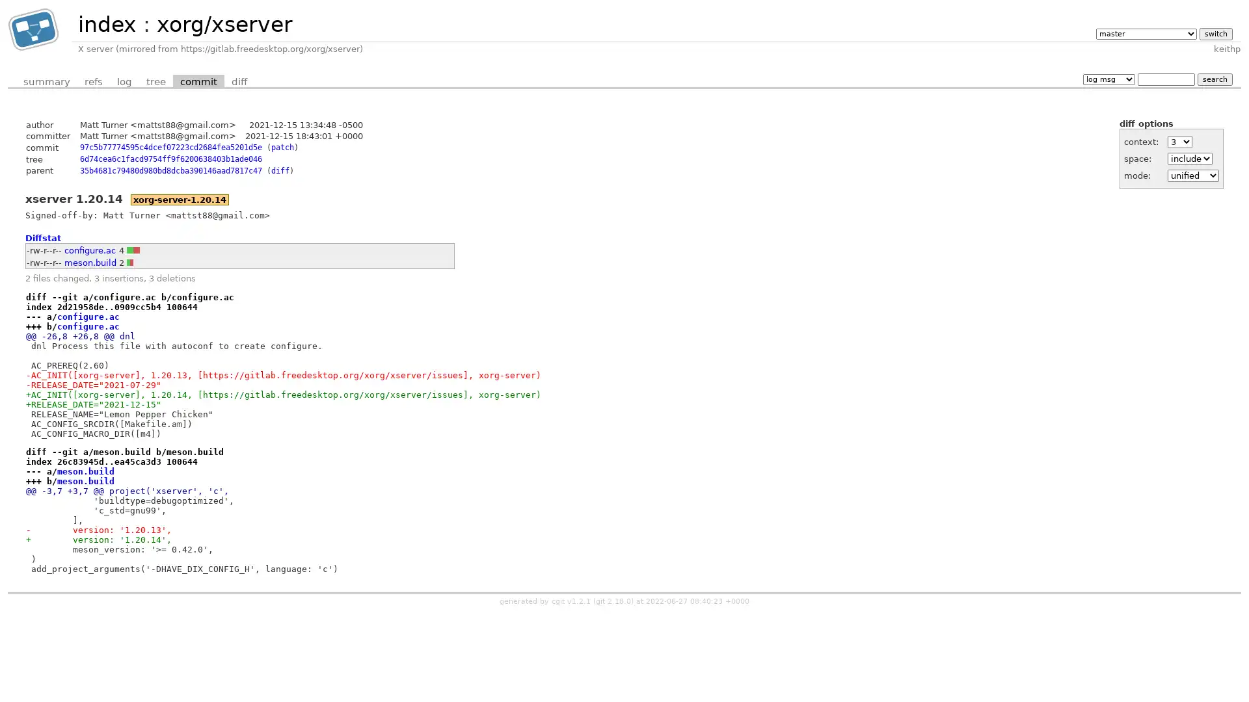 The image size is (1249, 702). I want to click on switch, so click(1215, 32).